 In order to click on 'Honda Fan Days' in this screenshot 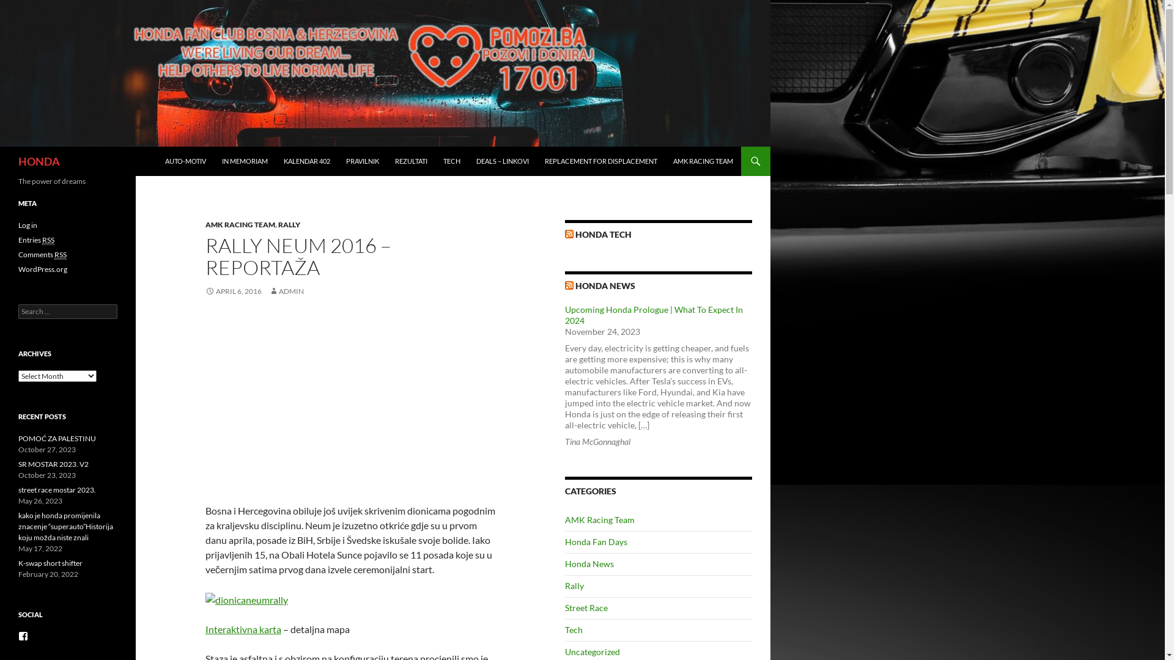, I will do `click(596, 541)`.